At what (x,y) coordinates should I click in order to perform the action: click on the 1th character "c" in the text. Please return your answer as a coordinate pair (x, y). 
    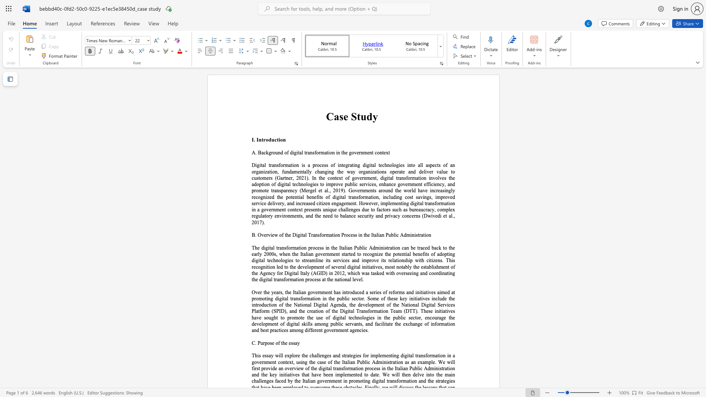
    Looking at the image, I should click on (313, 279).